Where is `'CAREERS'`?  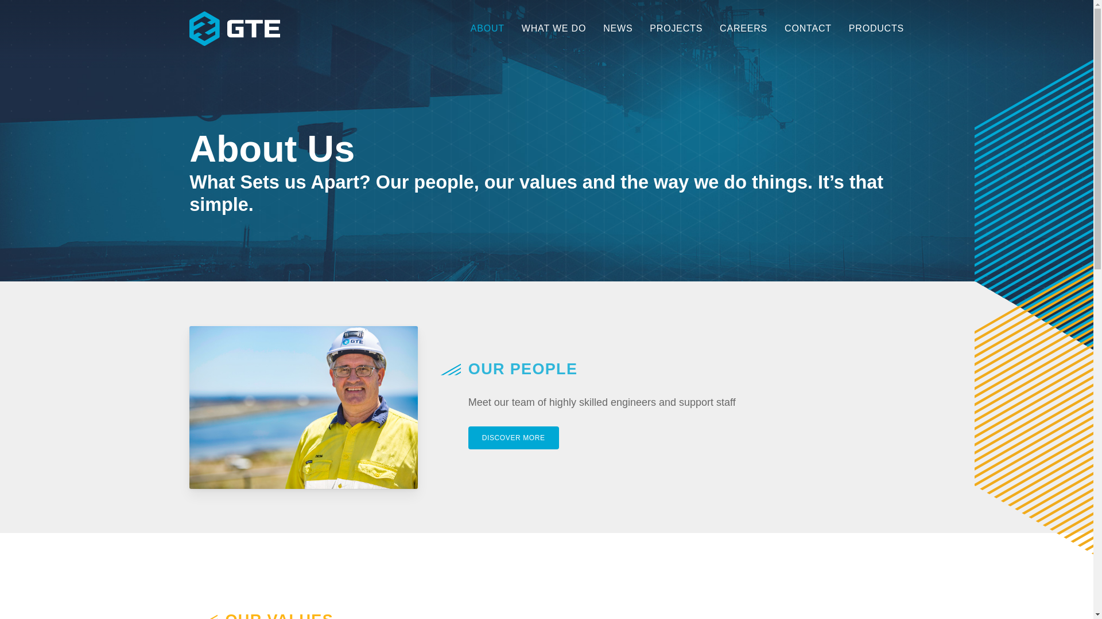
'CAREERS' is located at coordinates (710, 28).